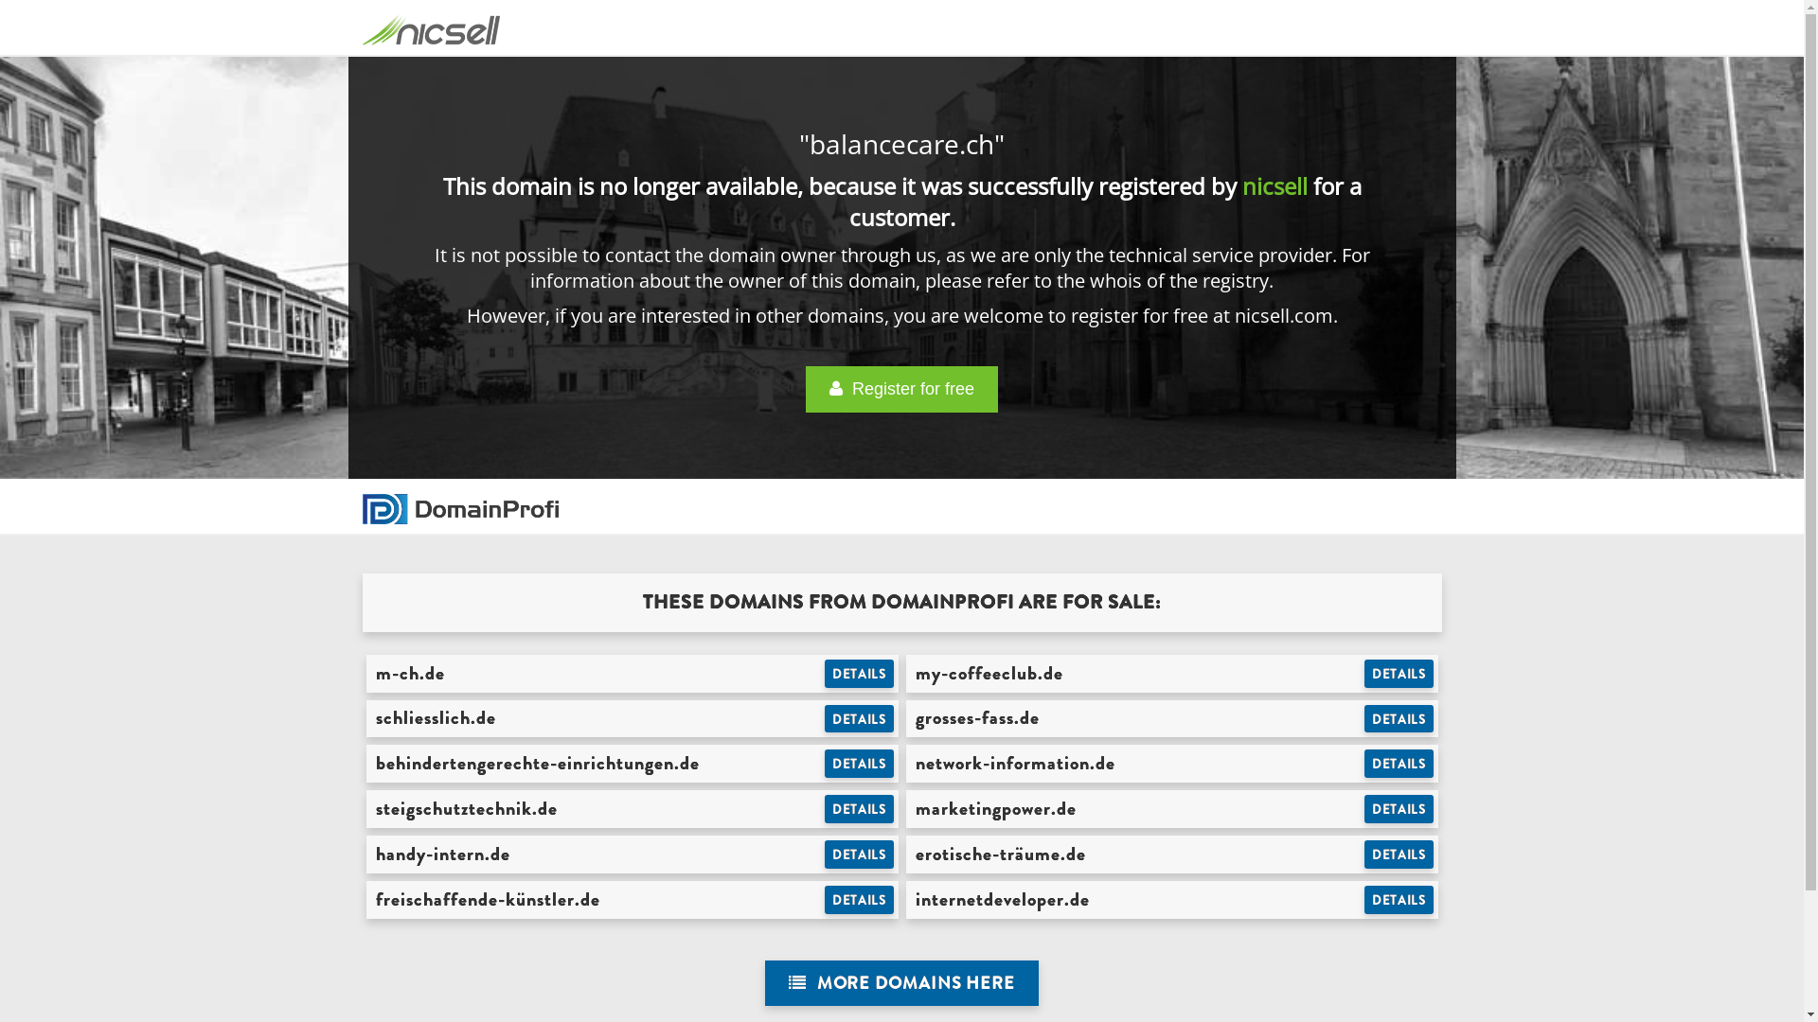  Describe the element at coordinates (1399, 762) in the screenshot. I see `'DETAILS'` at that location.